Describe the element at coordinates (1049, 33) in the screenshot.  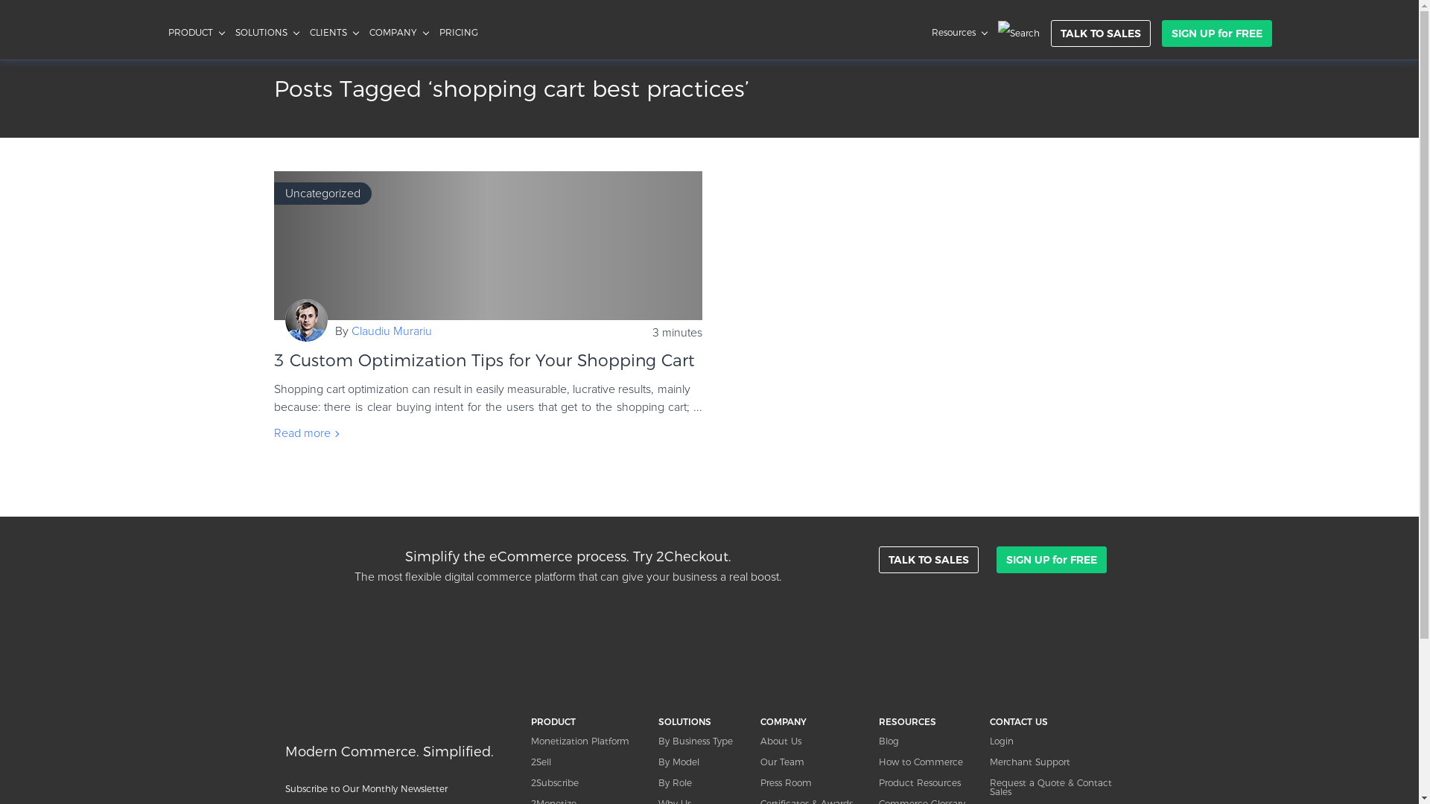
I see `'TALK TO SALES'` at that location.